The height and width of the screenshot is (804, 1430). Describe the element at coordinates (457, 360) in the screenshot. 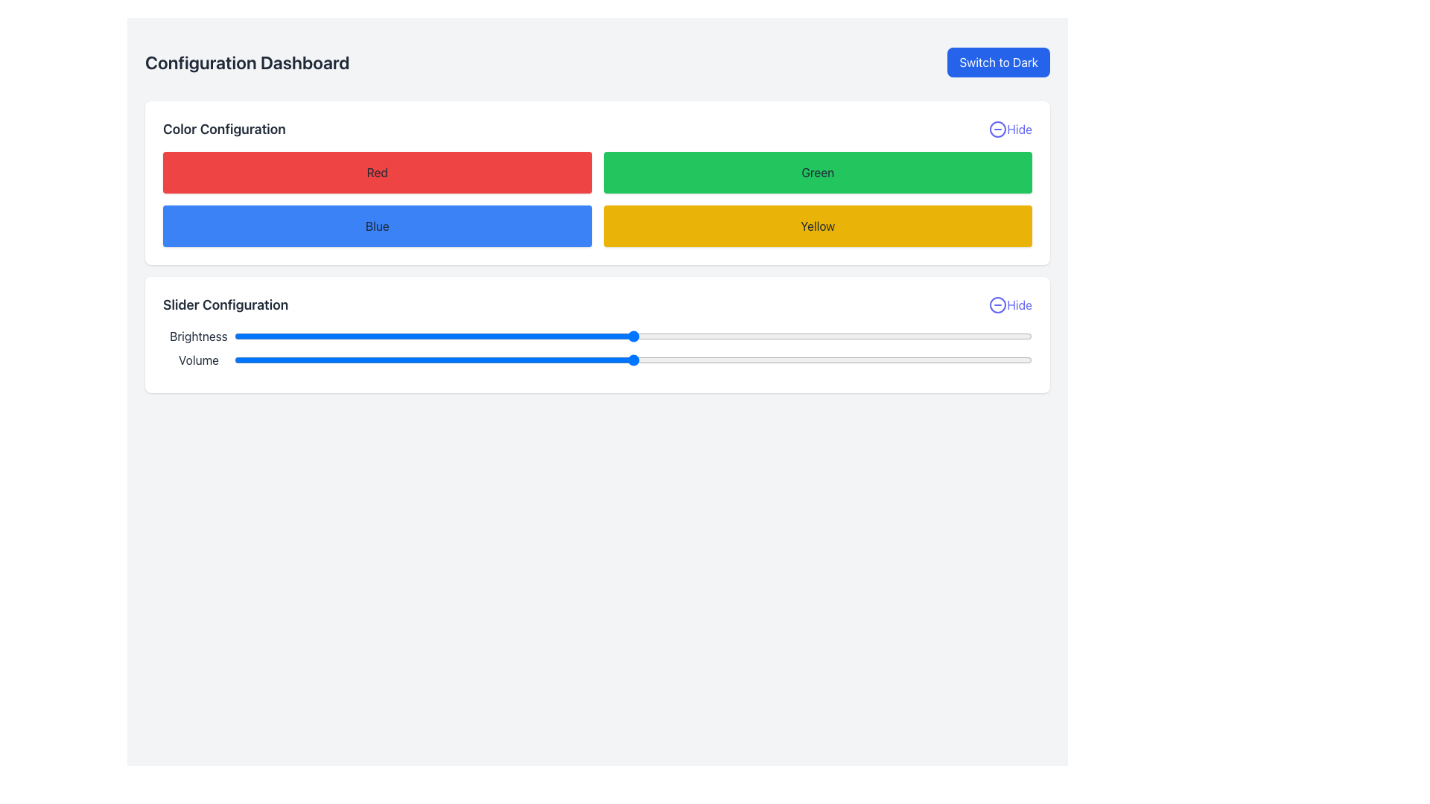

I see `the slider value` at that location.